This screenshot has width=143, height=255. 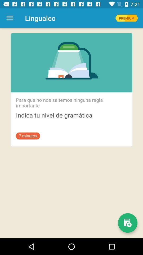 I want to click on option, so click(x=126, y=18).